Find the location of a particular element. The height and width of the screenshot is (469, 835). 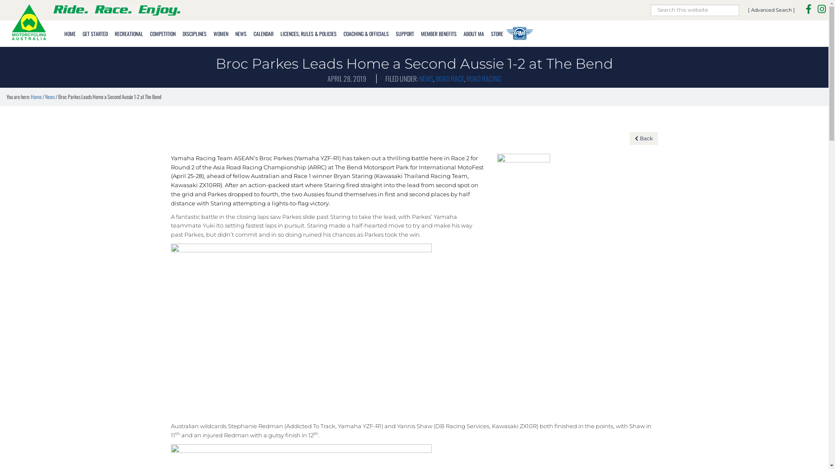

'COACHING & OFFICIALS' is located at coordinates (366, 32).